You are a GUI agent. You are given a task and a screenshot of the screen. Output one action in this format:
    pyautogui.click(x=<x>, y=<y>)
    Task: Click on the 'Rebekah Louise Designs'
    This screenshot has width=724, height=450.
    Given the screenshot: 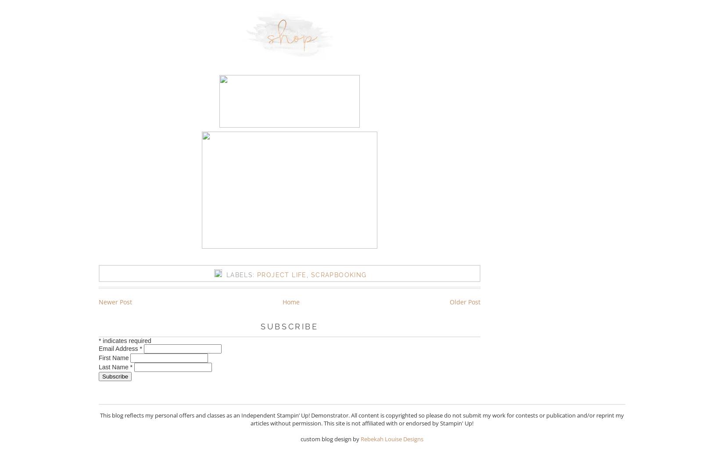 What is the action you would take?
    pyautogui.click(x=392, y=438)
    